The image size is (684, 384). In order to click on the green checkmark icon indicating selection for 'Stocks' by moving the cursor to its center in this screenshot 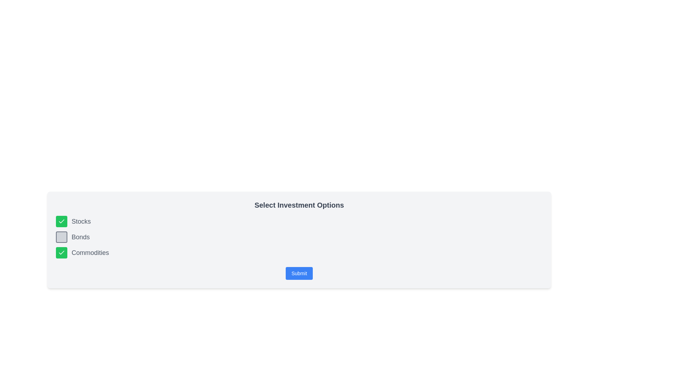, I will do `click(61, 220)`.